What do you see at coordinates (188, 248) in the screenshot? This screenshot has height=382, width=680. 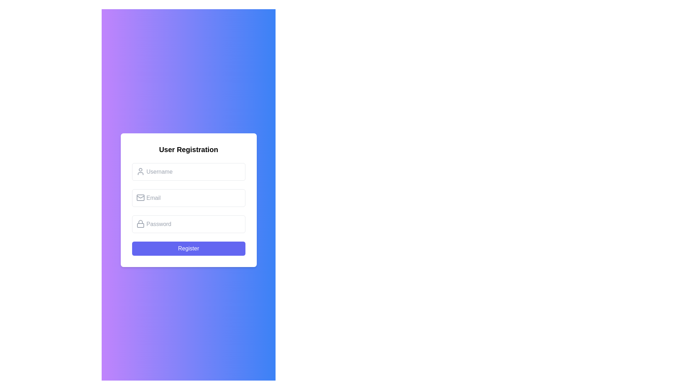 I see `the 'Register' button with rounded corners, styled in solid indigo color` at bounding box center [188, 248].